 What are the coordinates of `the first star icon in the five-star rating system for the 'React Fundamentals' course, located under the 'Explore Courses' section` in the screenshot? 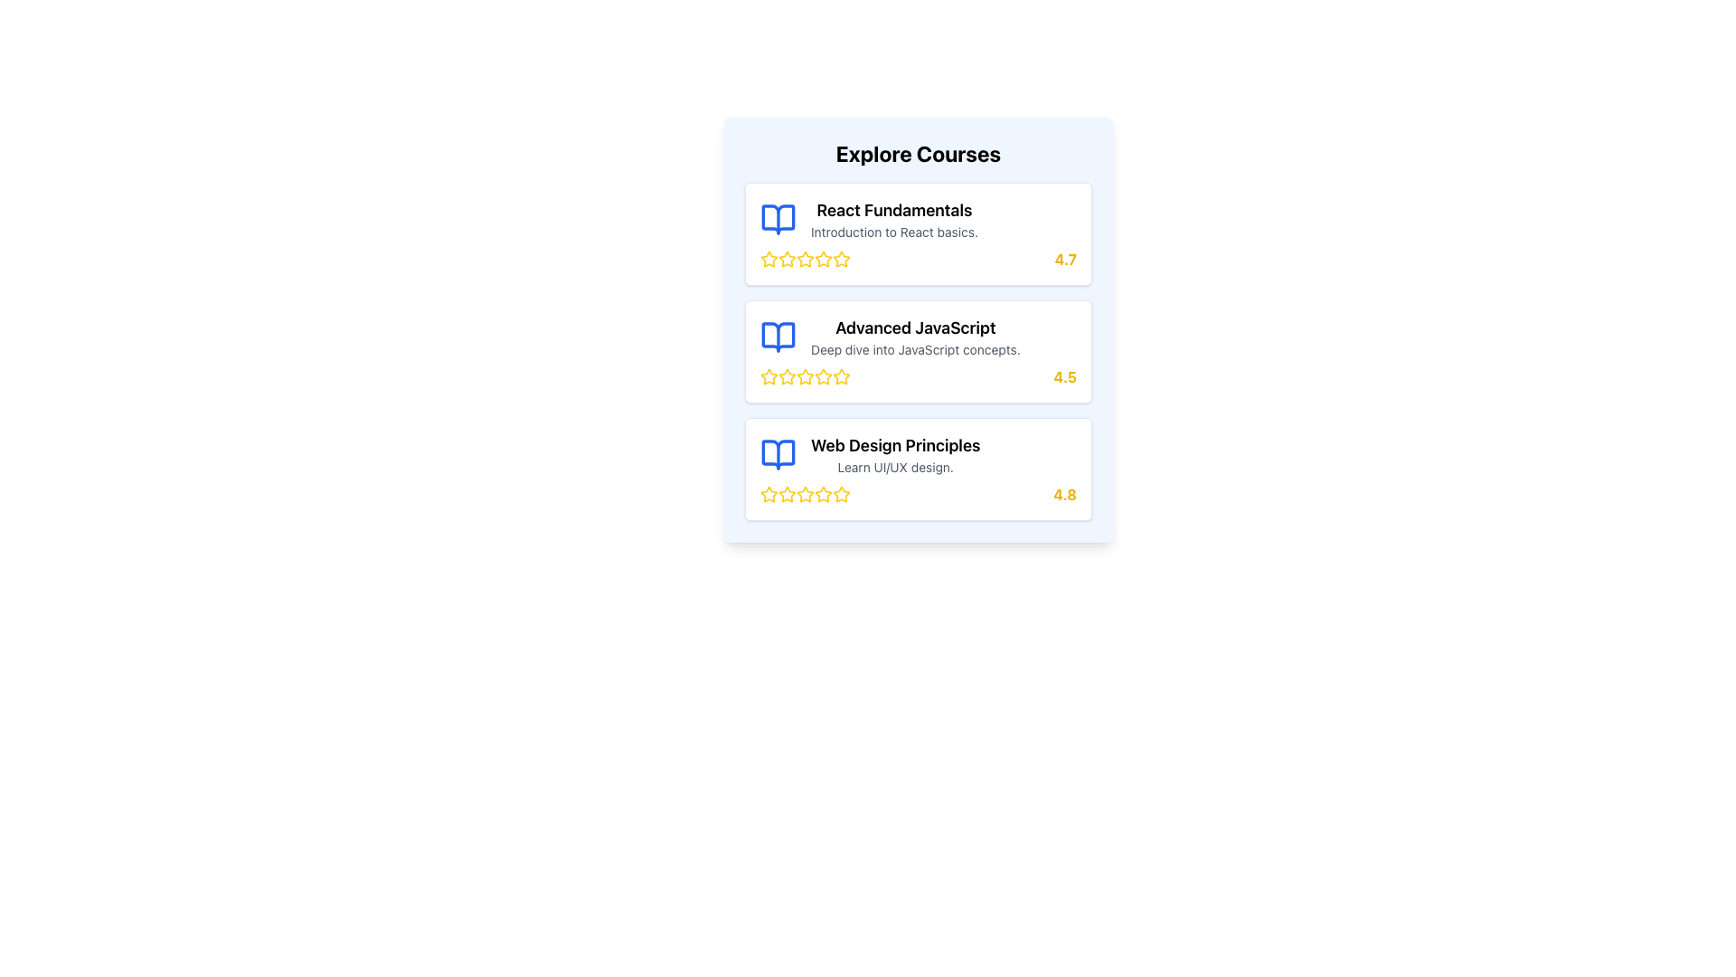 It's located at (841, 259).